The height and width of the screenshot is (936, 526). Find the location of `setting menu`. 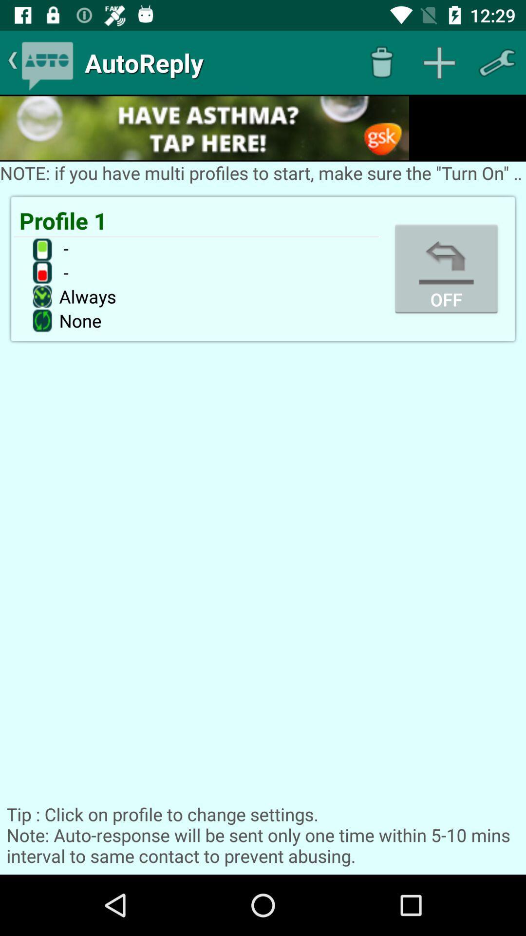

setting menu is located at coordinates (497, 62).